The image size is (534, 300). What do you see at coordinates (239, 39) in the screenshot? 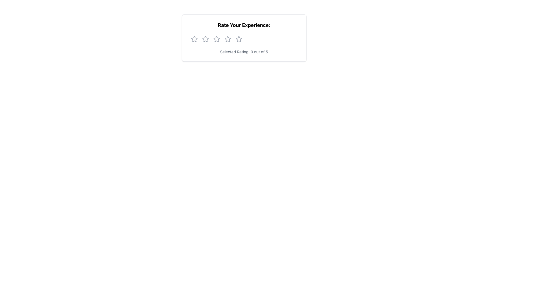
I see `the third star-shaped icon in the horizontal sequence of five stars` at bounding box center [239, 39].